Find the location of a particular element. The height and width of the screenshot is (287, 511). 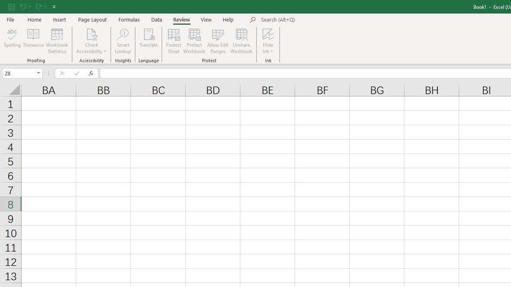

'Smart Lookup' is located at coordinates (123, 41).